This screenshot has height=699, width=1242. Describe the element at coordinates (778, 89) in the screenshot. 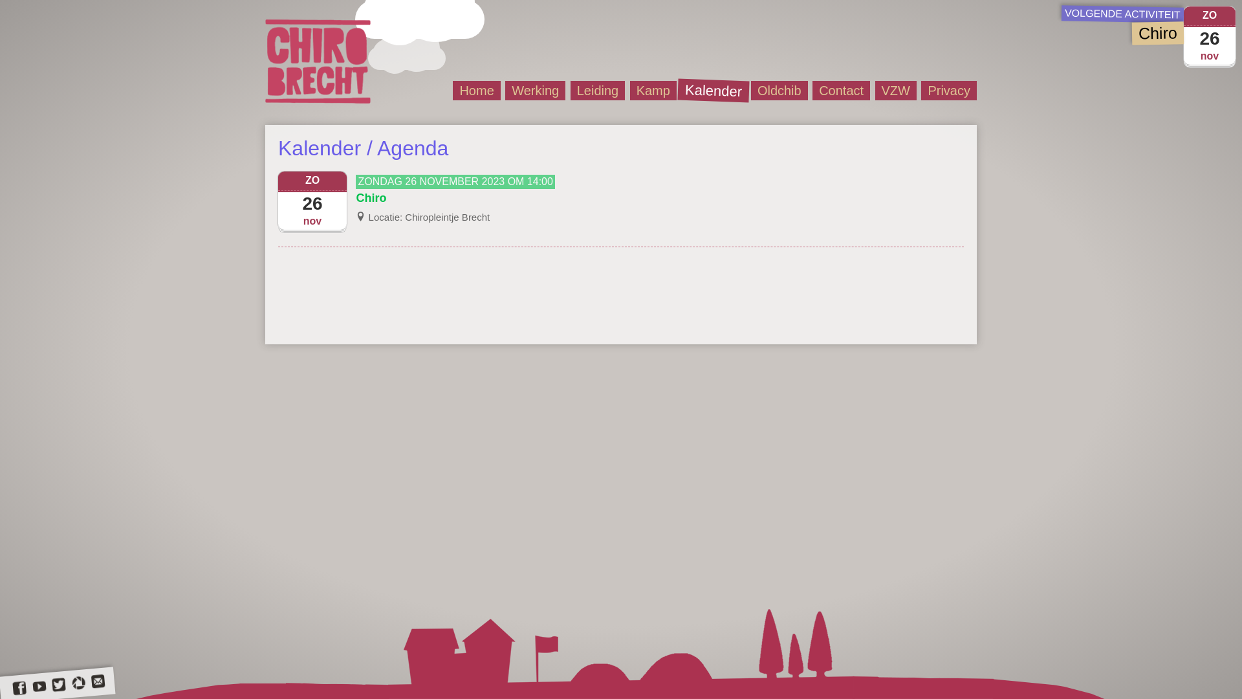

I see `'Oldchib'` at that location.